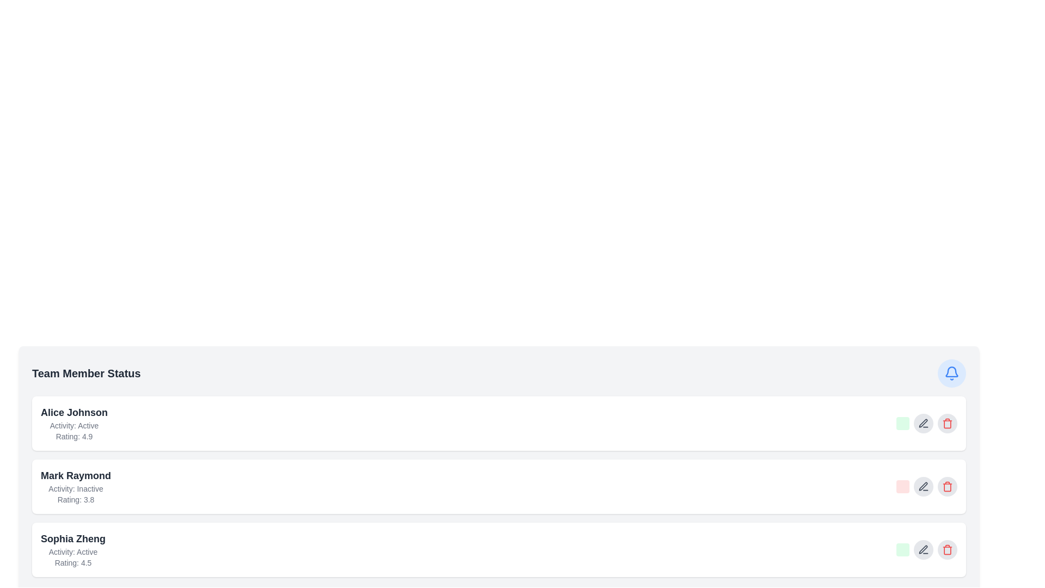  What do you see at coordinates (926, 423) in the screenshot?
I see `the pen icon button, which is the second button in a row of three buttons on the card for 'Alice Johnson'` at bounding box center [926, 423].